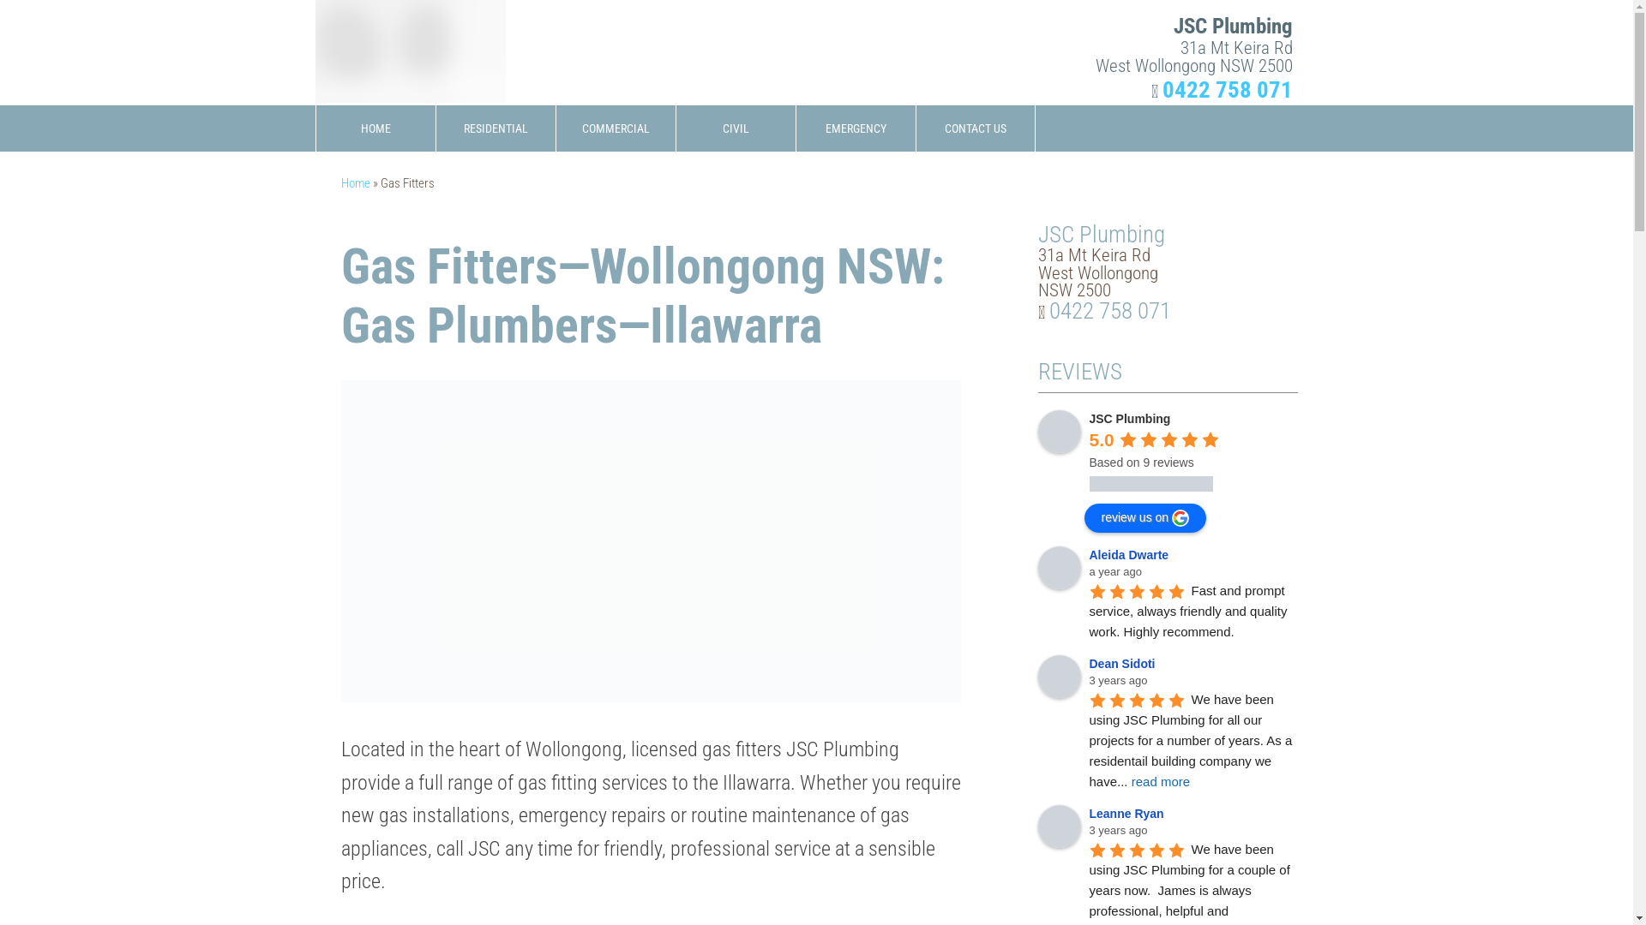 The width and height of the screenshot is (1646, 925). I want to click on 'RESIDENTIAL', so click(494, 128).